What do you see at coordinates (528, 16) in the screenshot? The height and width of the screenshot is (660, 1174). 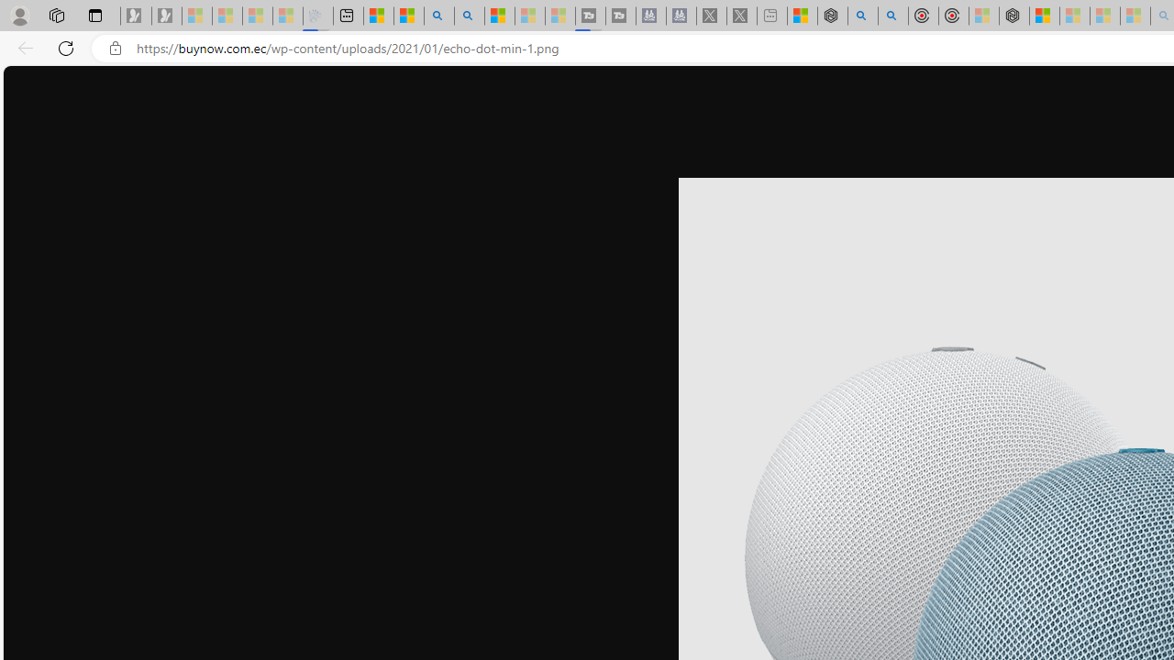 I see `'Microsoft Start - Sleeping'` at bounding box center [528, 16].